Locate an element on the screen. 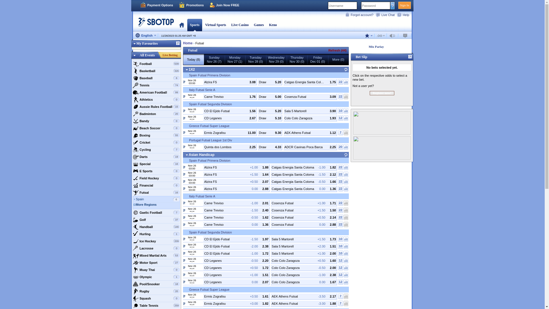 This screenshot has width=549, height=309. 'Virtual Sports' is located at coordinates (215, 25).